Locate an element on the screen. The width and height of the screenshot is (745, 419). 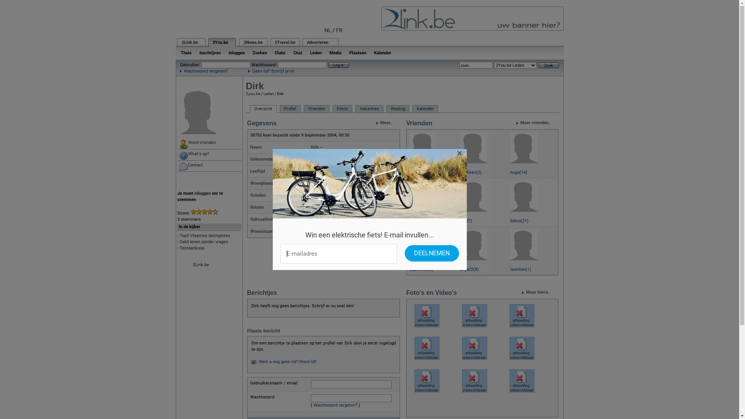
'Inschrijven' is located at coordinates (210, 52).